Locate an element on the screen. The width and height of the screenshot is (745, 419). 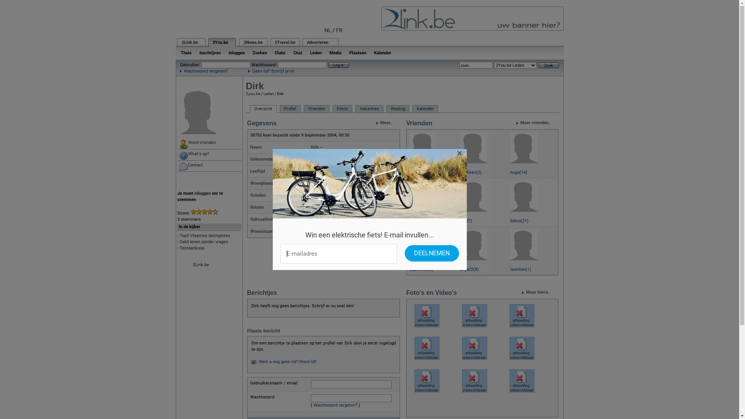
'Inschrijven' is located at coordinates (210, 52).